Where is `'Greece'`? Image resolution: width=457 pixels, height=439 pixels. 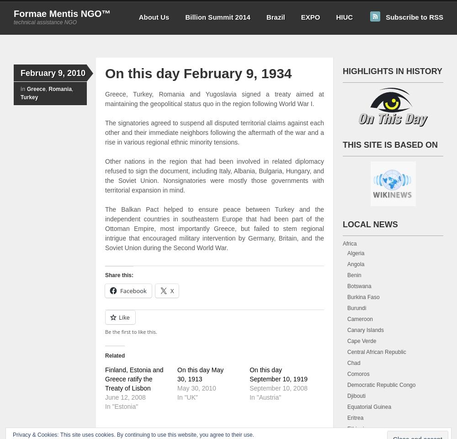 'Greece' is located at coordinates (36, 89).